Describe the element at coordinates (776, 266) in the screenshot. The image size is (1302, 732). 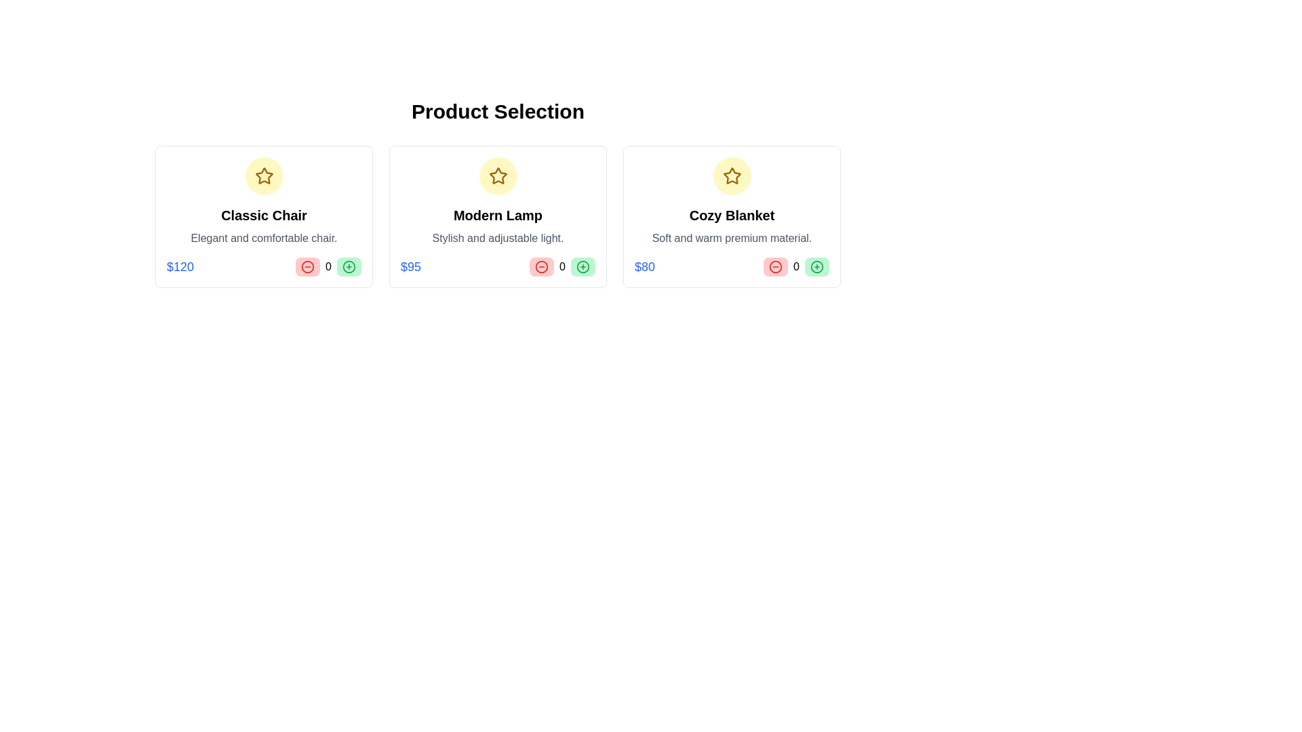
I see `the red circular minus icon located at the bottom section of the 'Cozy Blanket' card` at that location.